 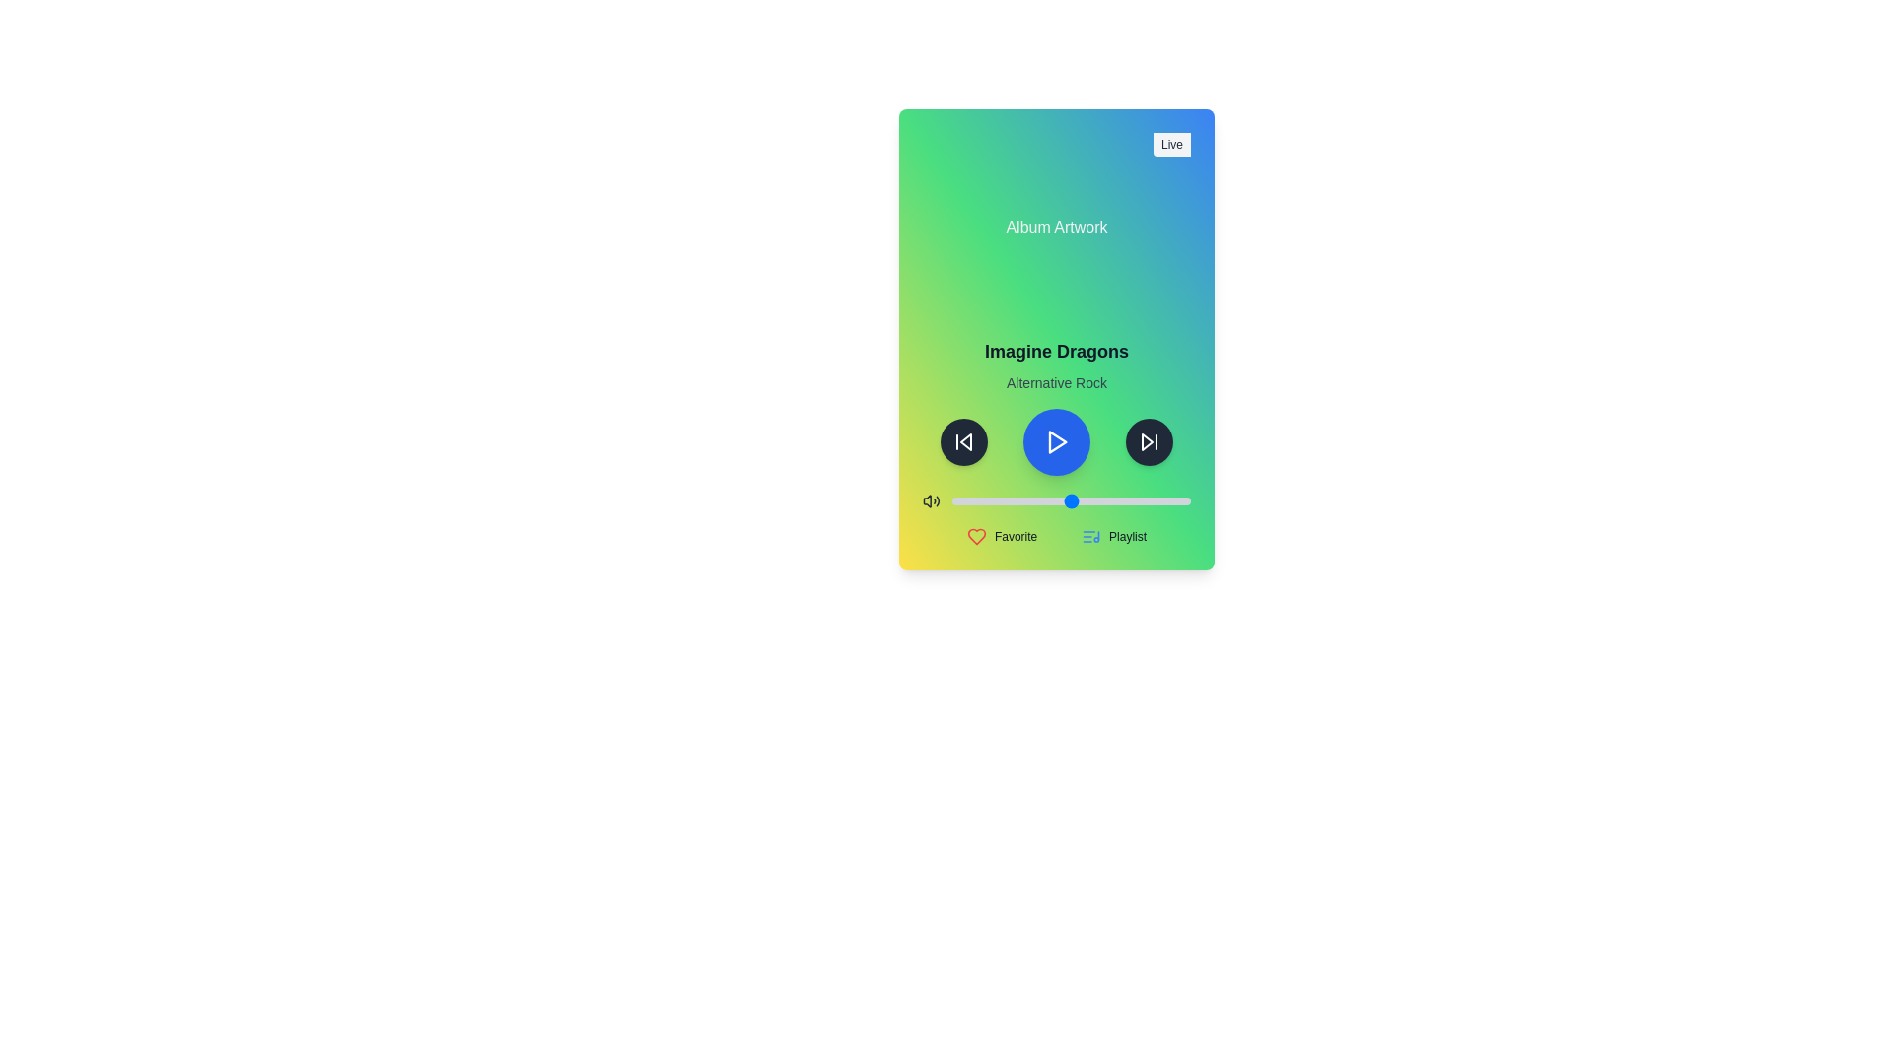 What do you see at coordinates (1128, 536) in the screenshot?
I see `the 'Playlist' text label located at the bottom right of the interface's central card layout` at bounding box center [1128, 536].